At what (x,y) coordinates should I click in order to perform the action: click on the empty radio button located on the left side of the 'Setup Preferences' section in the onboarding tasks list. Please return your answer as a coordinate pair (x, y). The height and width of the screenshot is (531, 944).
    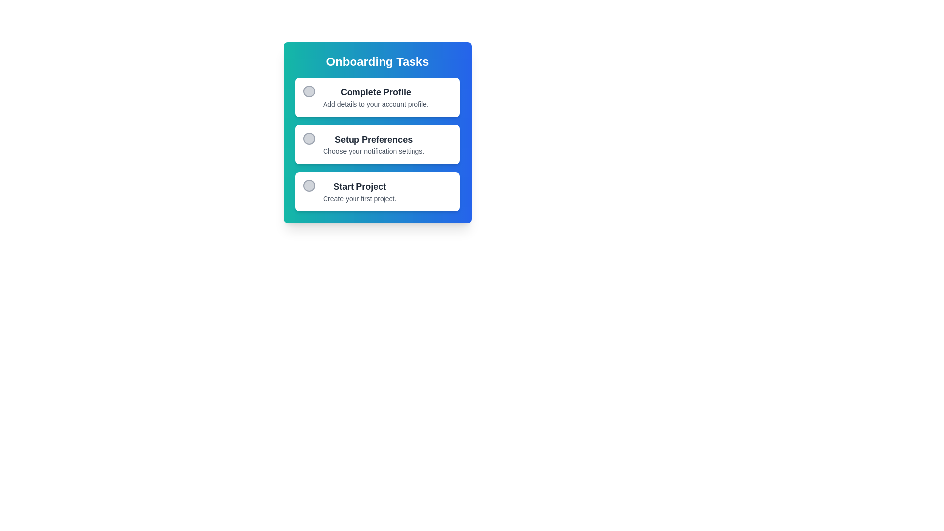
    Looking at the image, I should click on (308, 138).